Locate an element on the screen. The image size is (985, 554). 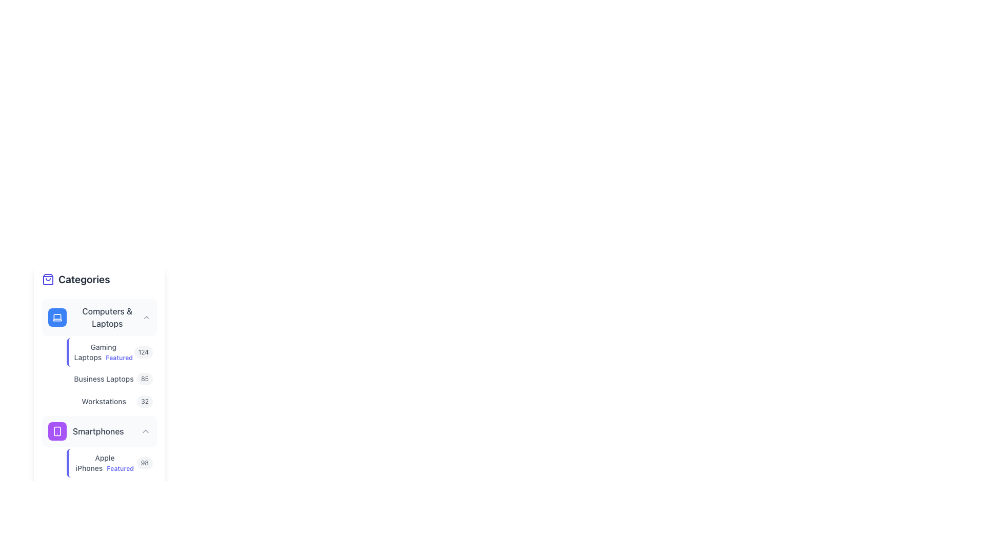
the 'Gaming Laptops' list item in the 'Computers & Laptops' category is located at coordinates (111, 351).